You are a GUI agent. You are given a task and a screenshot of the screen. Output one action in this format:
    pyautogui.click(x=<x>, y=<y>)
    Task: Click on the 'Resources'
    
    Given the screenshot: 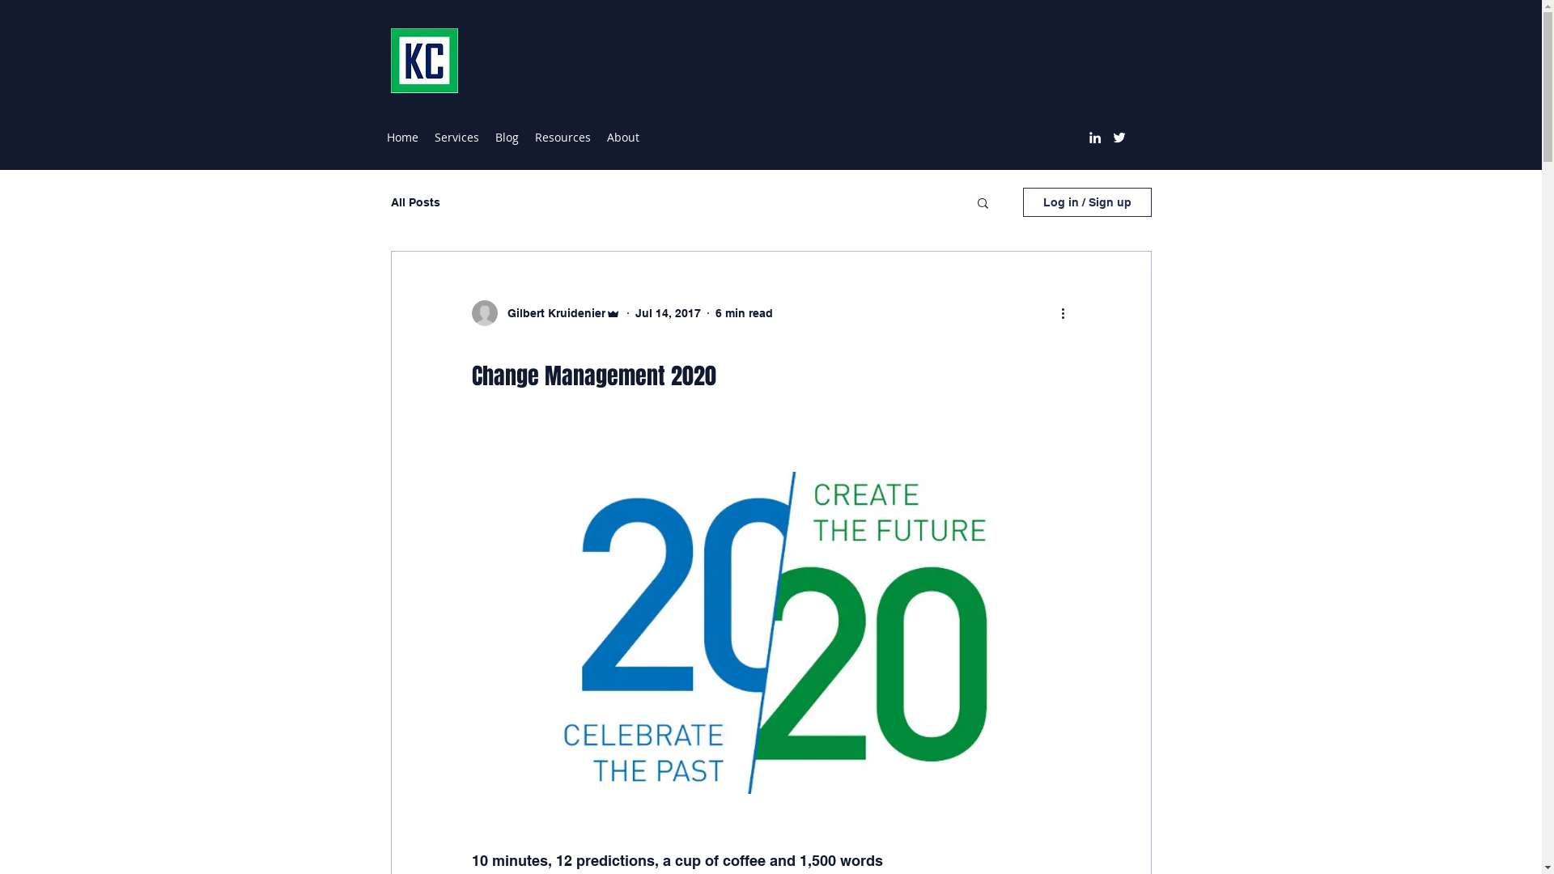 What is the action you would take?
    pyautogui.click(x=525, y=136)
    